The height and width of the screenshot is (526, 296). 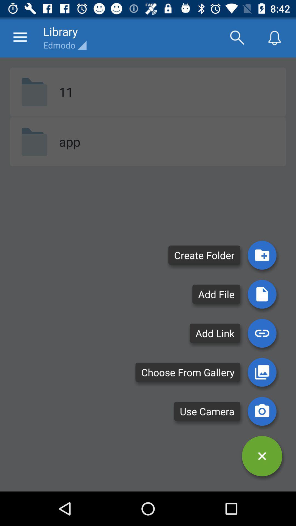 I want to click on folder option, so click(x=262, y=255).